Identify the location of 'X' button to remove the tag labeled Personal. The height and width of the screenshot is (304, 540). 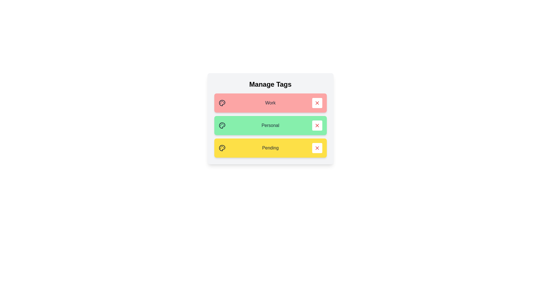
(317, 125).